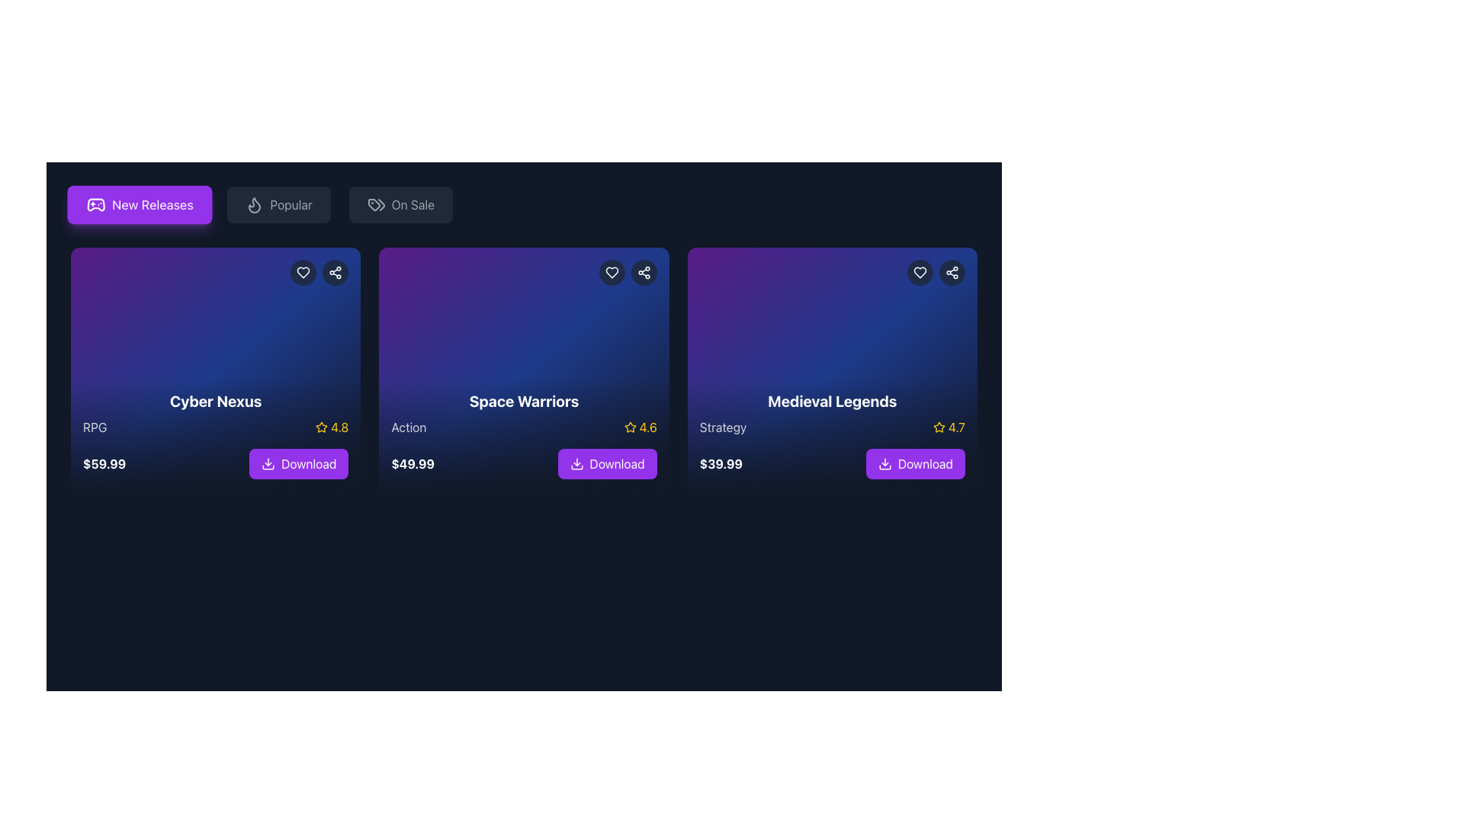  I want to click on the Rating display element showing a rating of 4.8, so click(331, 427).